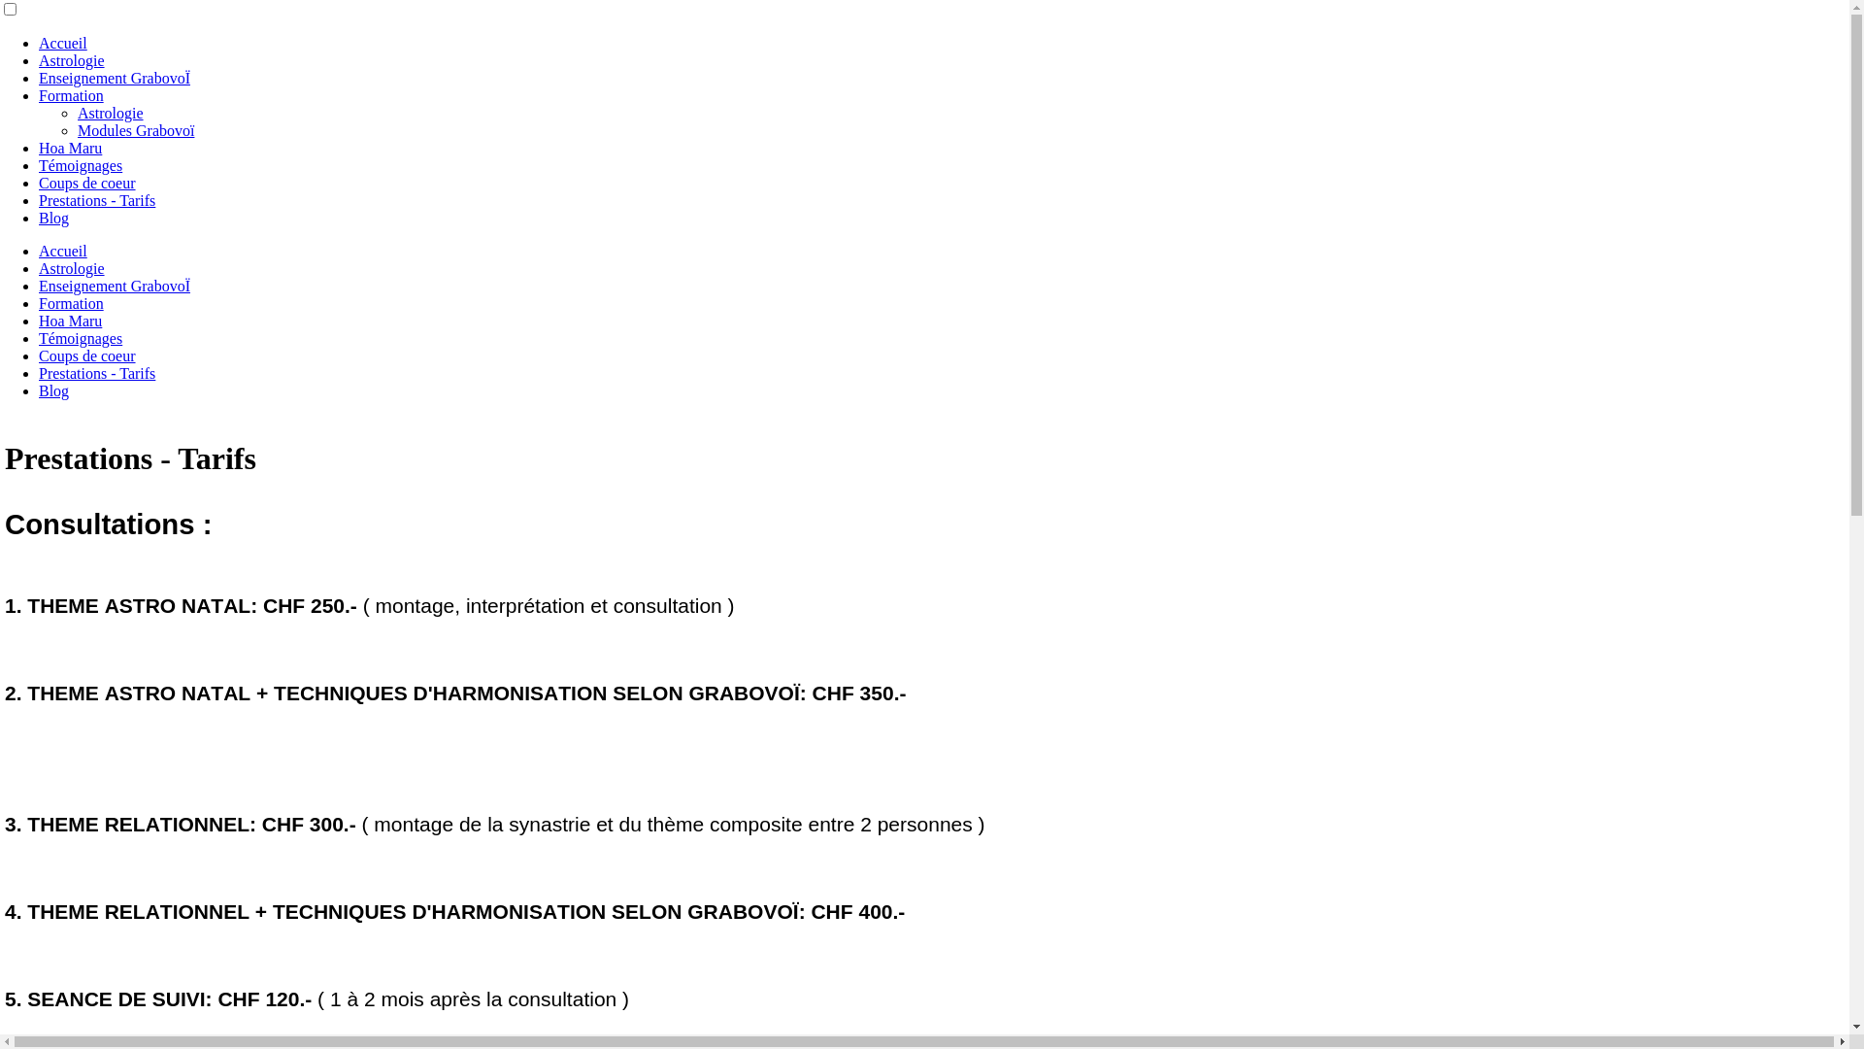 This screenshot has height=1049, width=1864. What do you see at coordinates (70, 147) in the screenshot?
I see `'Hoa Maru'` at bounding box center [70, 147].